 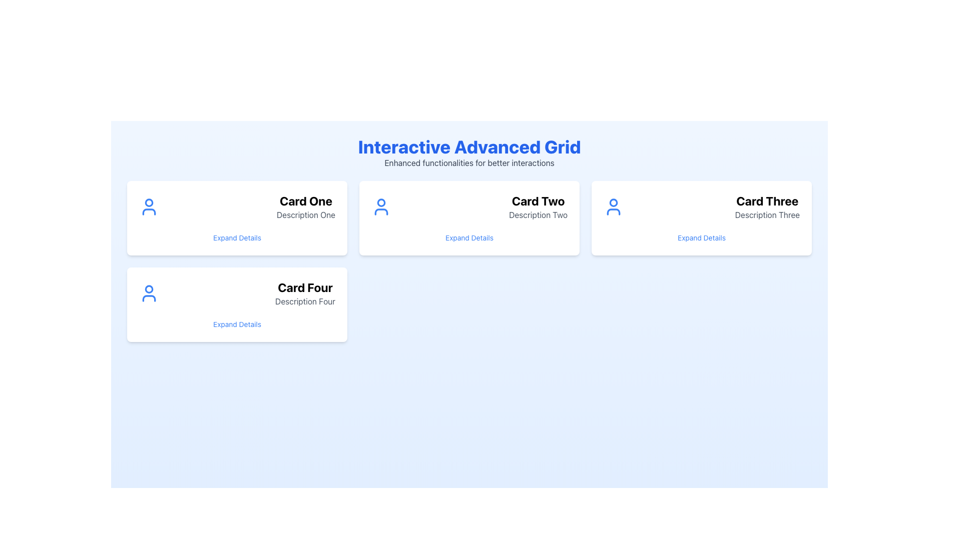 What do you see at coordinates (305, 200) in the screenshot?
I see `the bold text label reading 'Card One' located in the top-left card of the grid layout` at bounding box center [305, 200].